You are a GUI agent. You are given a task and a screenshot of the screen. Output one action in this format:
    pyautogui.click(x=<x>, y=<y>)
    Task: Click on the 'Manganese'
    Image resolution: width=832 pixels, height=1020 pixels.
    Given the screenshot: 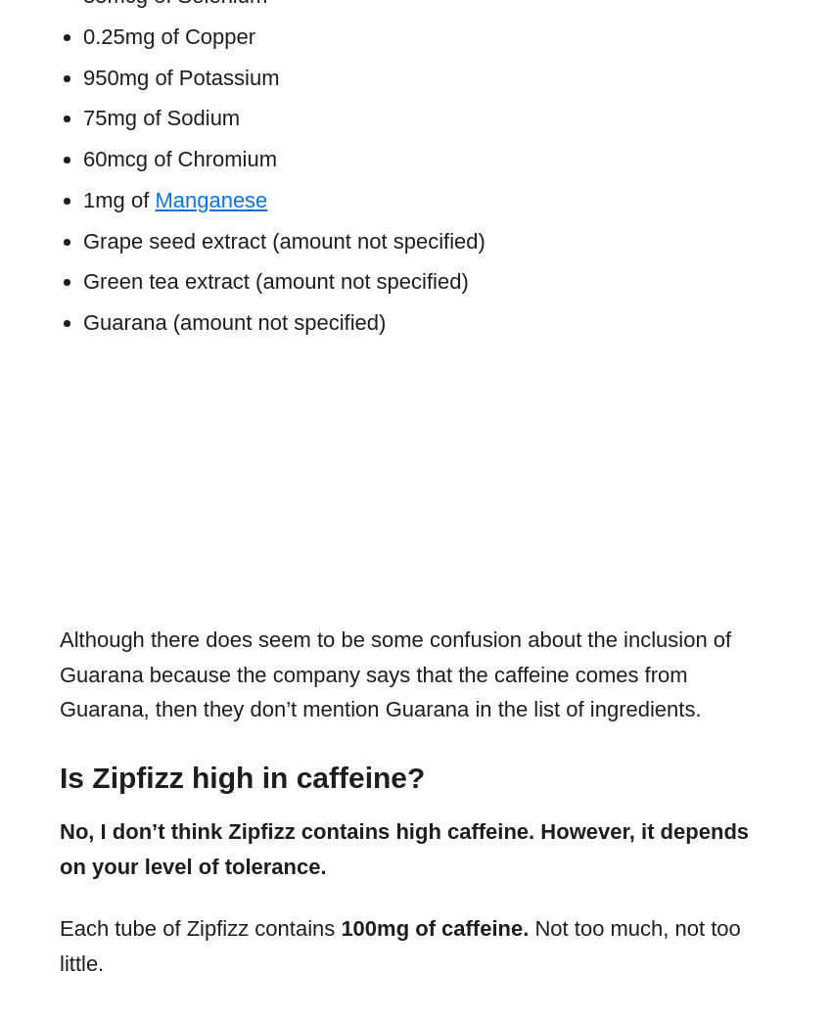 What is the action you would take?
    pyautogui.click(x=210, y=198)
    